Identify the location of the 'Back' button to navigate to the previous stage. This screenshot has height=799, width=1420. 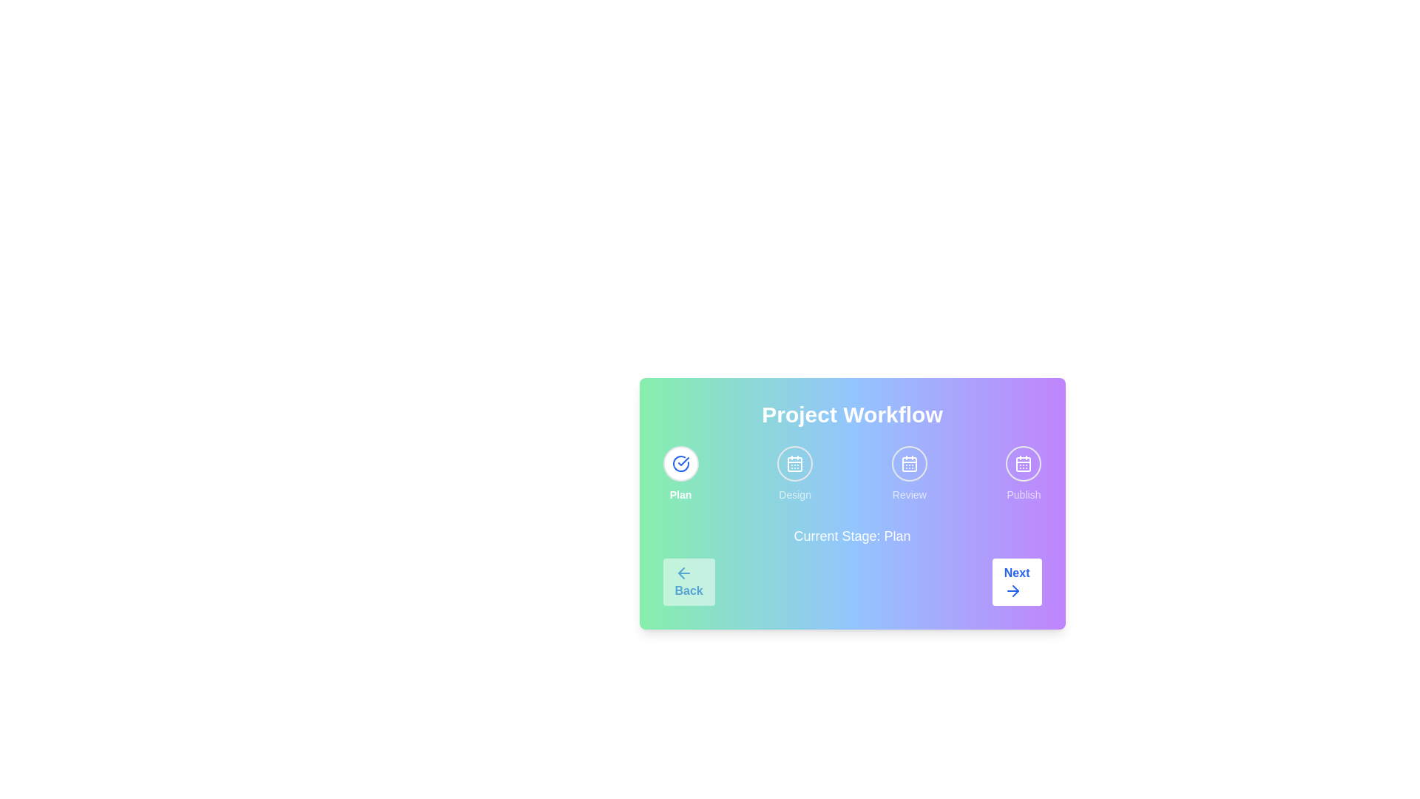
(688, 581).